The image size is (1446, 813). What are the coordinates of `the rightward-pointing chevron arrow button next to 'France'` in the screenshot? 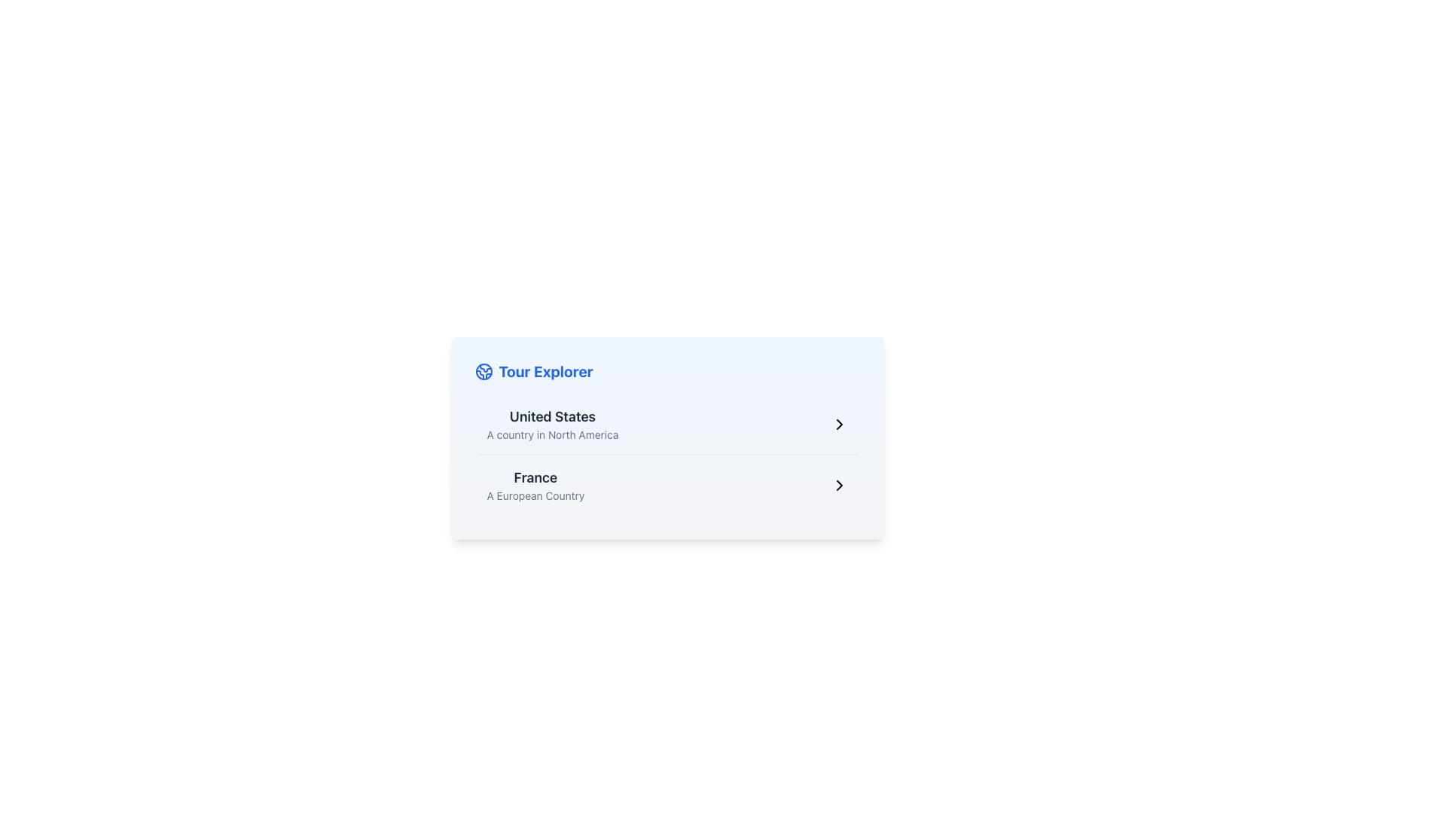 It's located at (838, 485).